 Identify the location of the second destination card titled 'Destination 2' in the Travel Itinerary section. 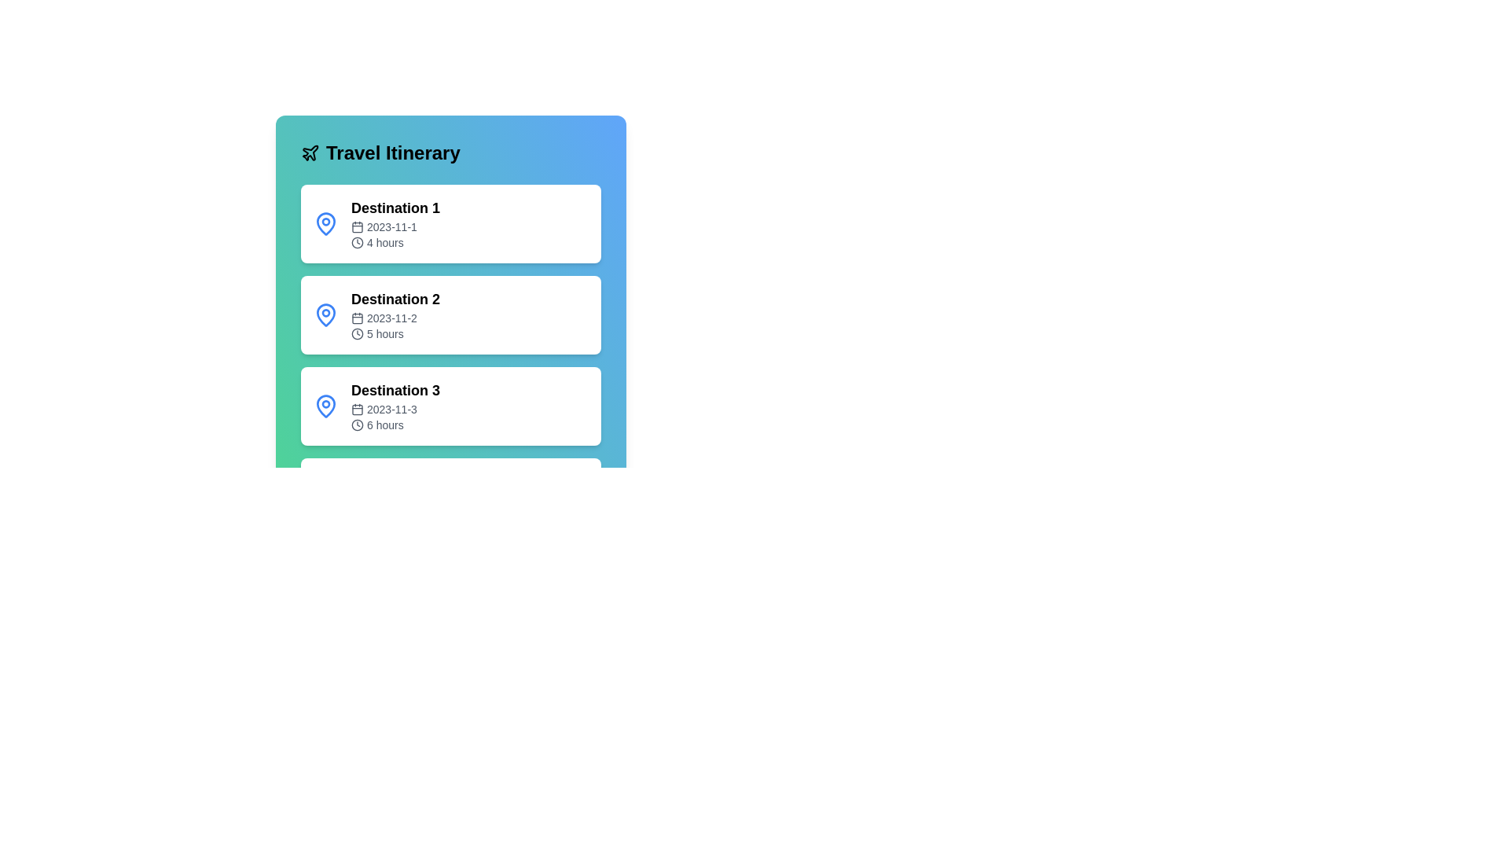
(450, 281).